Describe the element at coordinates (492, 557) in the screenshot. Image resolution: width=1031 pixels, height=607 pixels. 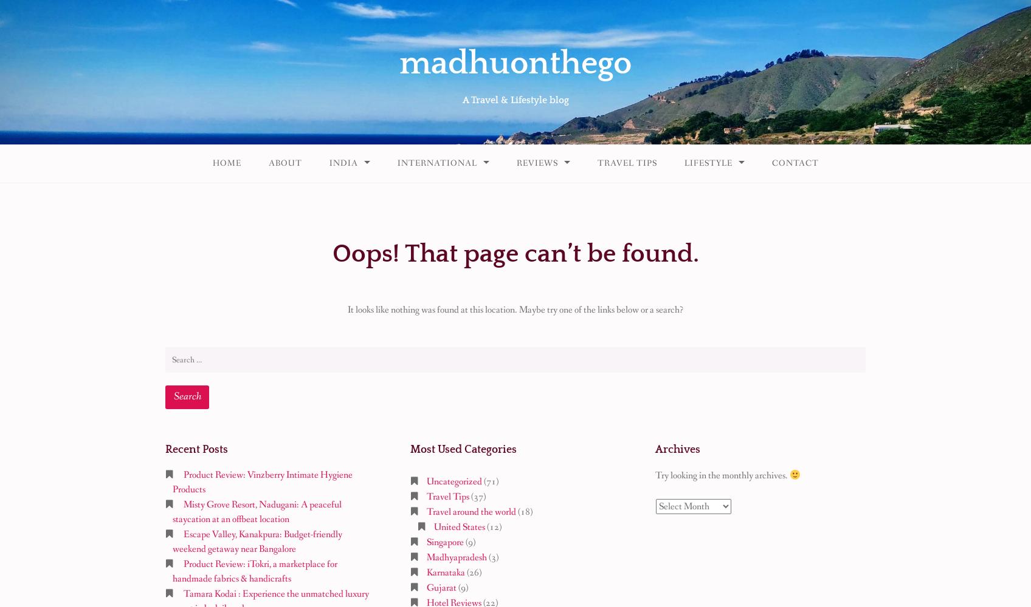
I see `'(3)'` at that location.